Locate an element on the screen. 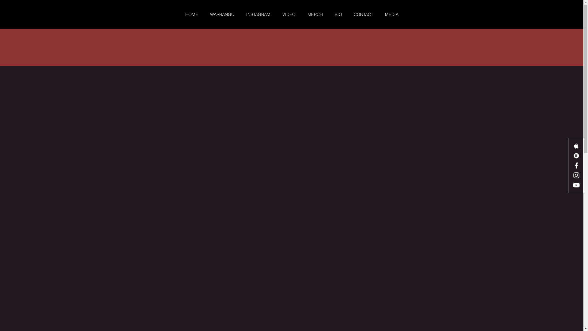 Image resolution: width=588 pixels, height=331 pixels. 'HOME' is located at coordinates (191, 14).